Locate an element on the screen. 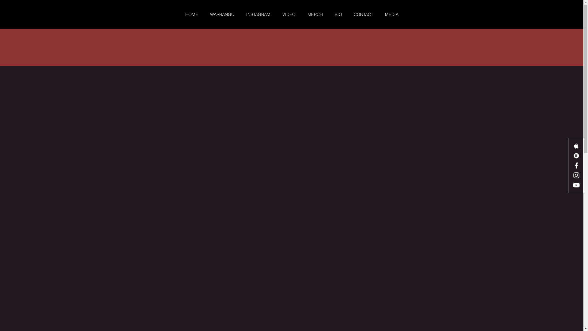 Image resolution: width=588 pixels, height=331 pixels. 'HOME' is located at coordinates (191, 14).